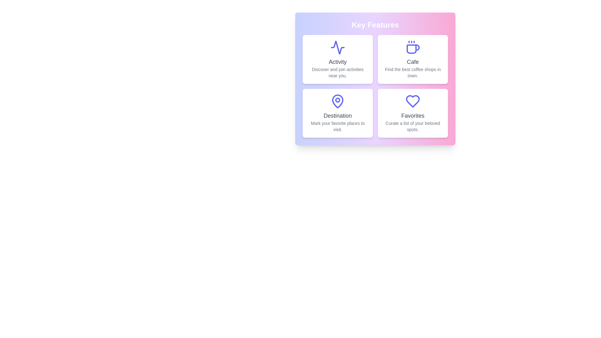 This screenshot has height=338, width=601. What do you see at coordinates (413, 59) in the screenshot?
I see `the feature card for Cafe` at bounding box center [413, 59].